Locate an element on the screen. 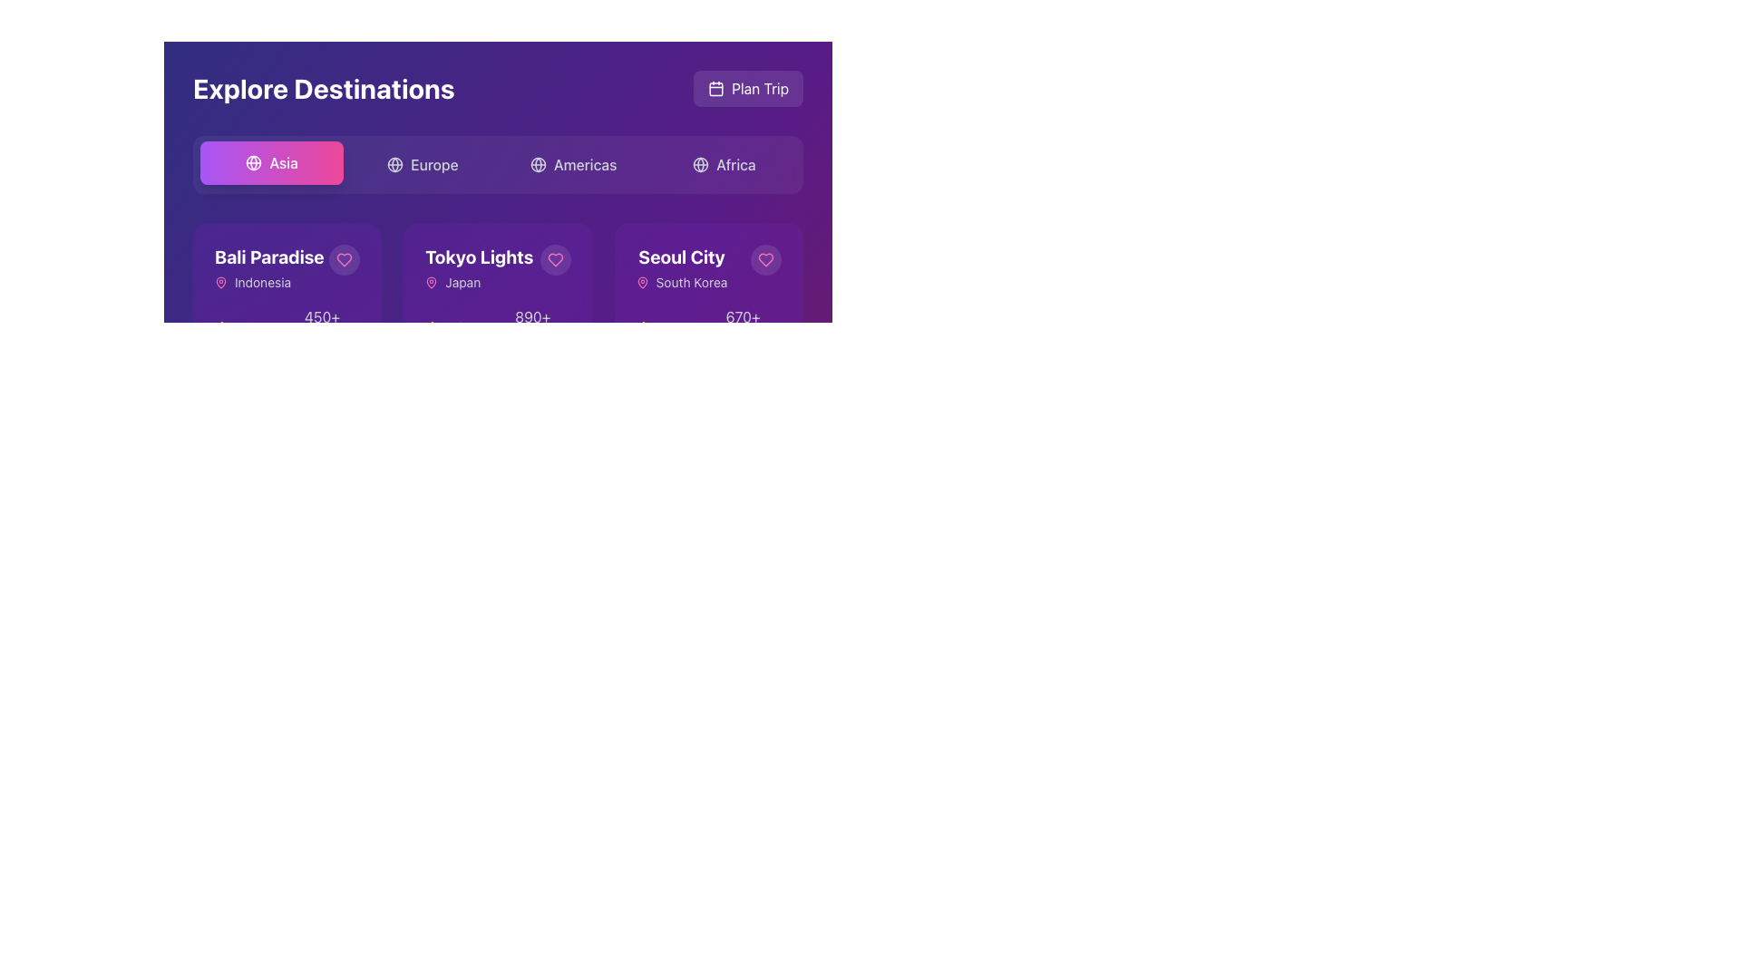 The width and height of the screenshot is (1741, 979). the informational label displaying the rating number, yellow star icon, and traveler count text located under the 'Tokyo Lights' tile in the 'Explore Destinations' section is located at coordinates (498, 328).